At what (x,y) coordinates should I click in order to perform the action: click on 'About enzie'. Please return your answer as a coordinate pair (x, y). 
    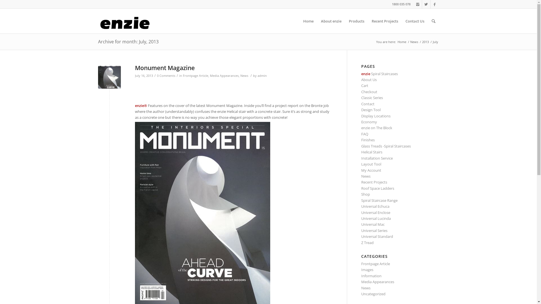
    Looking at the image, I should click on (331, 21).